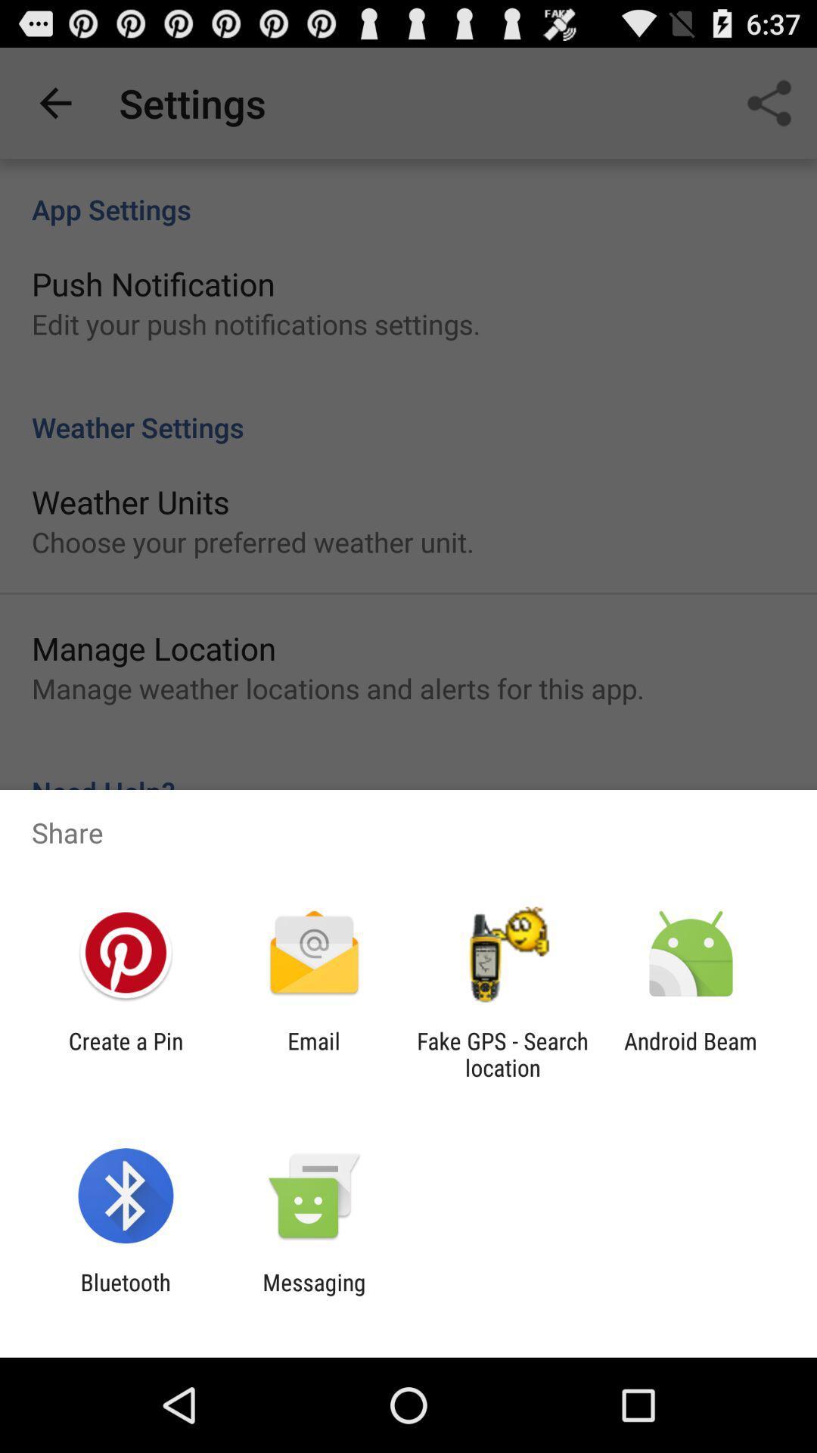 This screenshot has width=817, height=1453. I want to click on bluetooth item, so click(125, 1295).